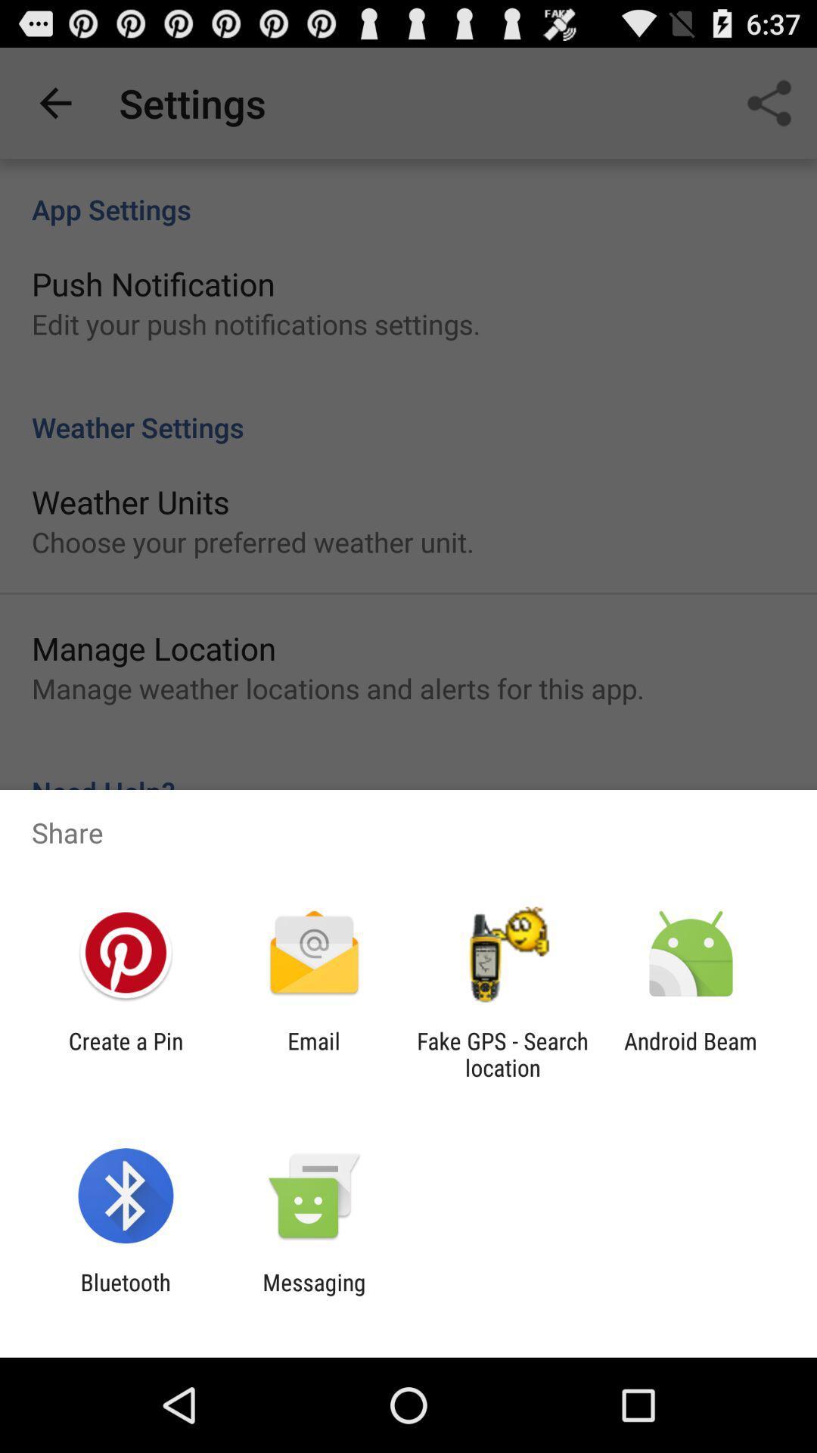 This screenshot has width=817, height=1453. I want to click on bluetooth item, so click(125, 1295).